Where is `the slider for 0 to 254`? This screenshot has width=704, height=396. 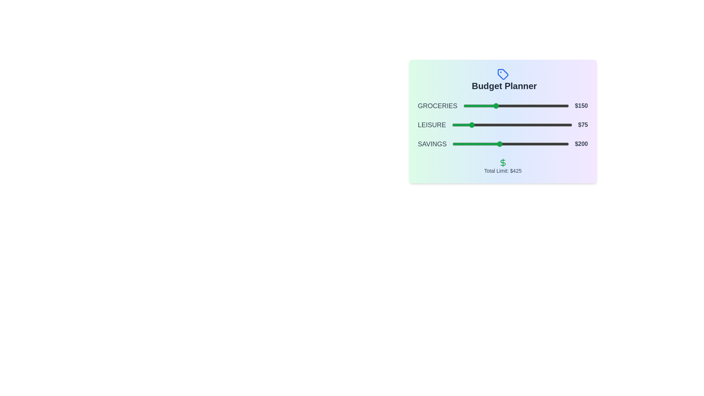
the slider for 0 to 254 is located at coordinates (517, 106).